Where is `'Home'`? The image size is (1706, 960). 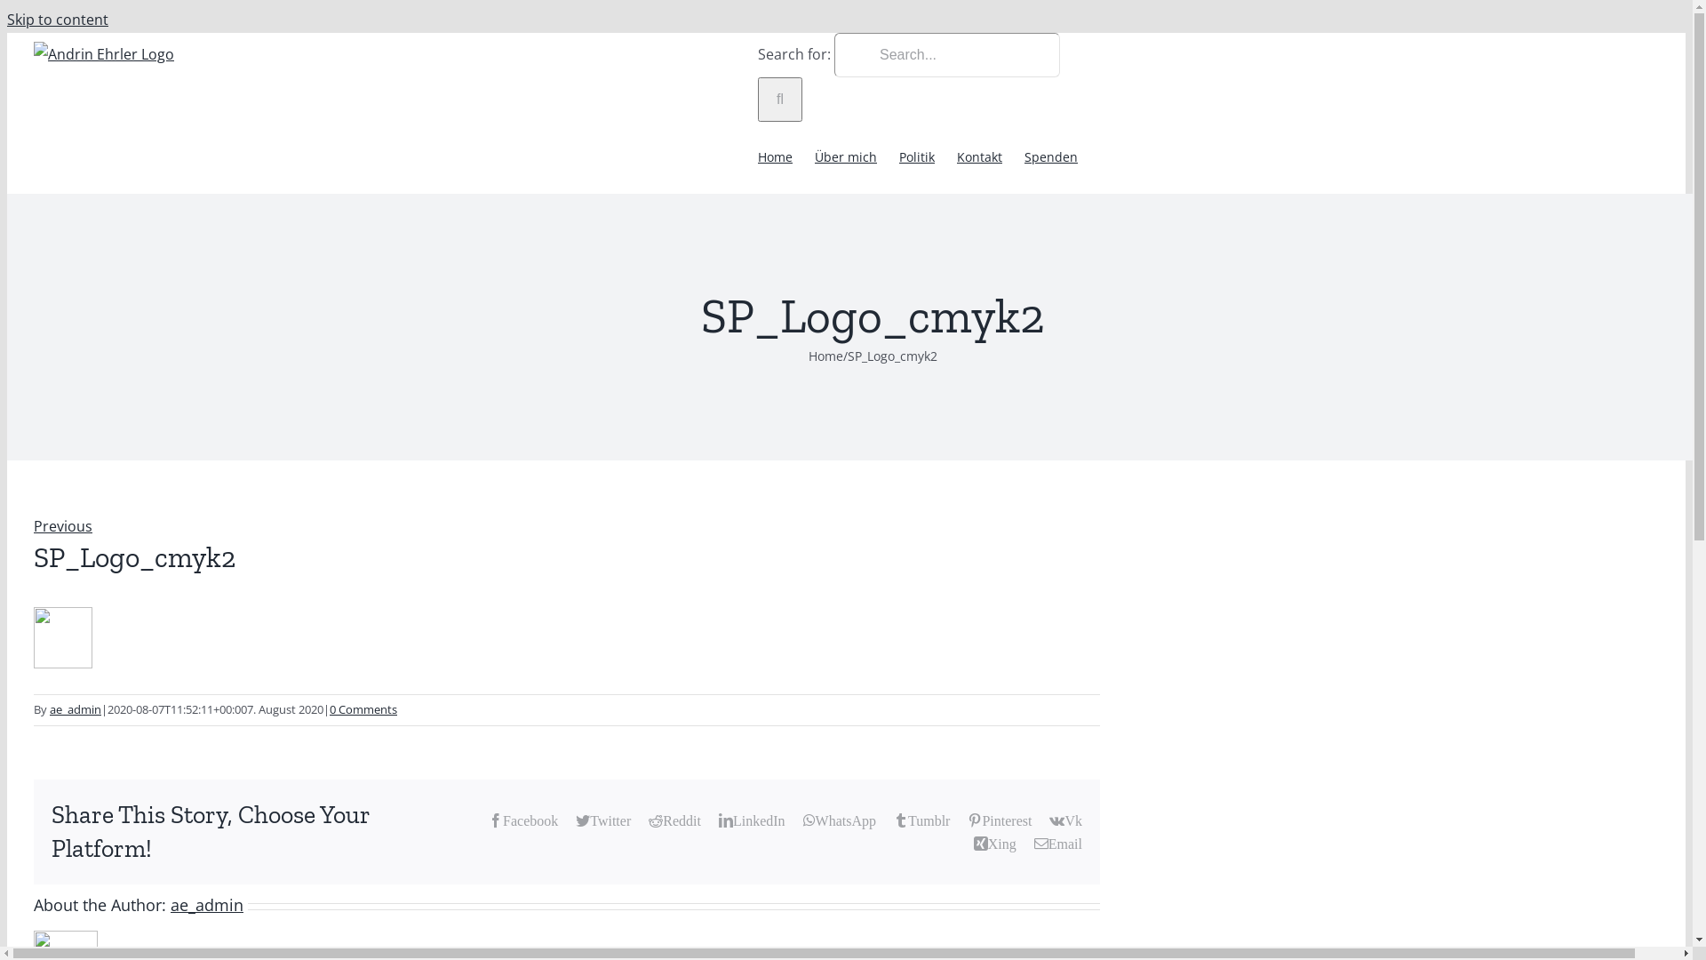
'Home' is located at coordinates (808, 356).